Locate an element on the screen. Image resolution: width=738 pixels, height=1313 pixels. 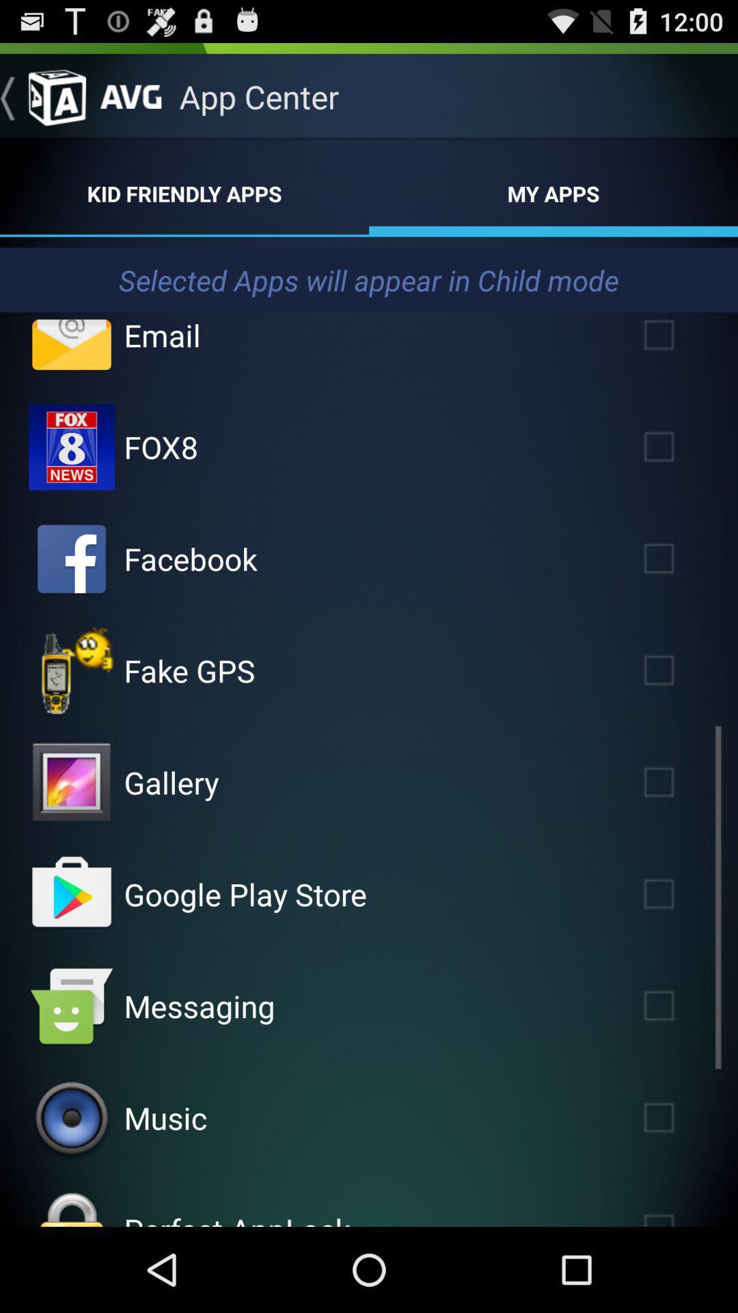
button to go to music is located at coordinates (71, 1118).